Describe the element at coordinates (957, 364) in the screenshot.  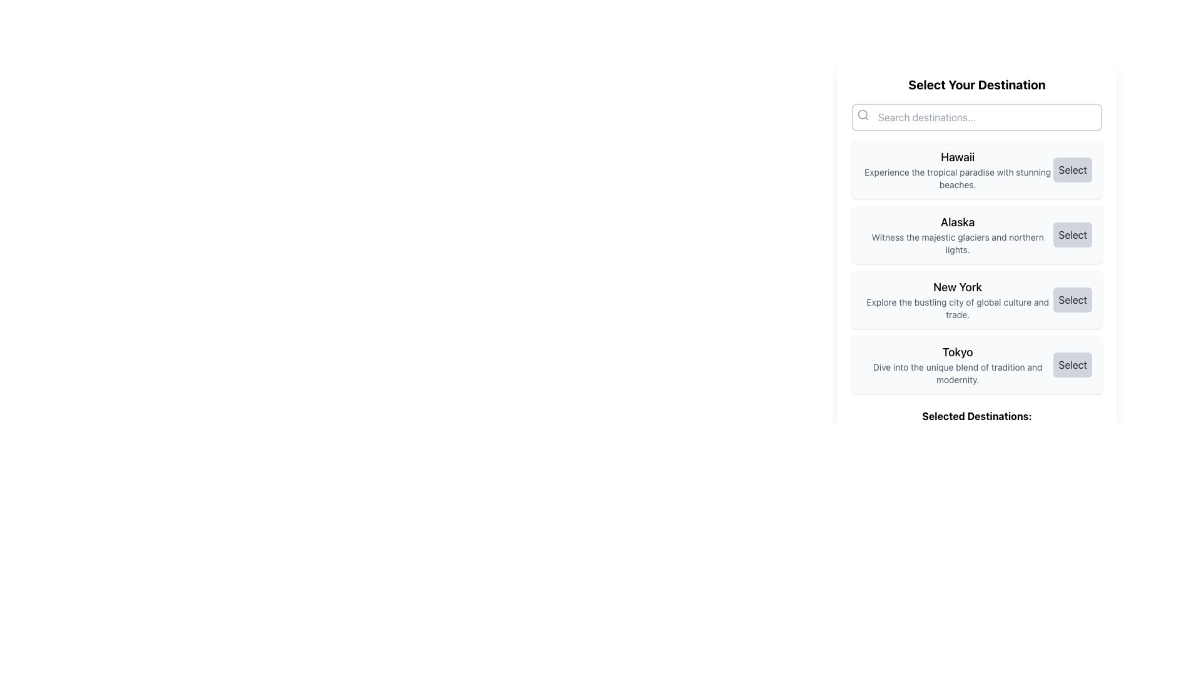
I see `descriptive text section of the 'Tokyo' card, which is located centrally within the card under the main title 'Tokyo'` at that location.